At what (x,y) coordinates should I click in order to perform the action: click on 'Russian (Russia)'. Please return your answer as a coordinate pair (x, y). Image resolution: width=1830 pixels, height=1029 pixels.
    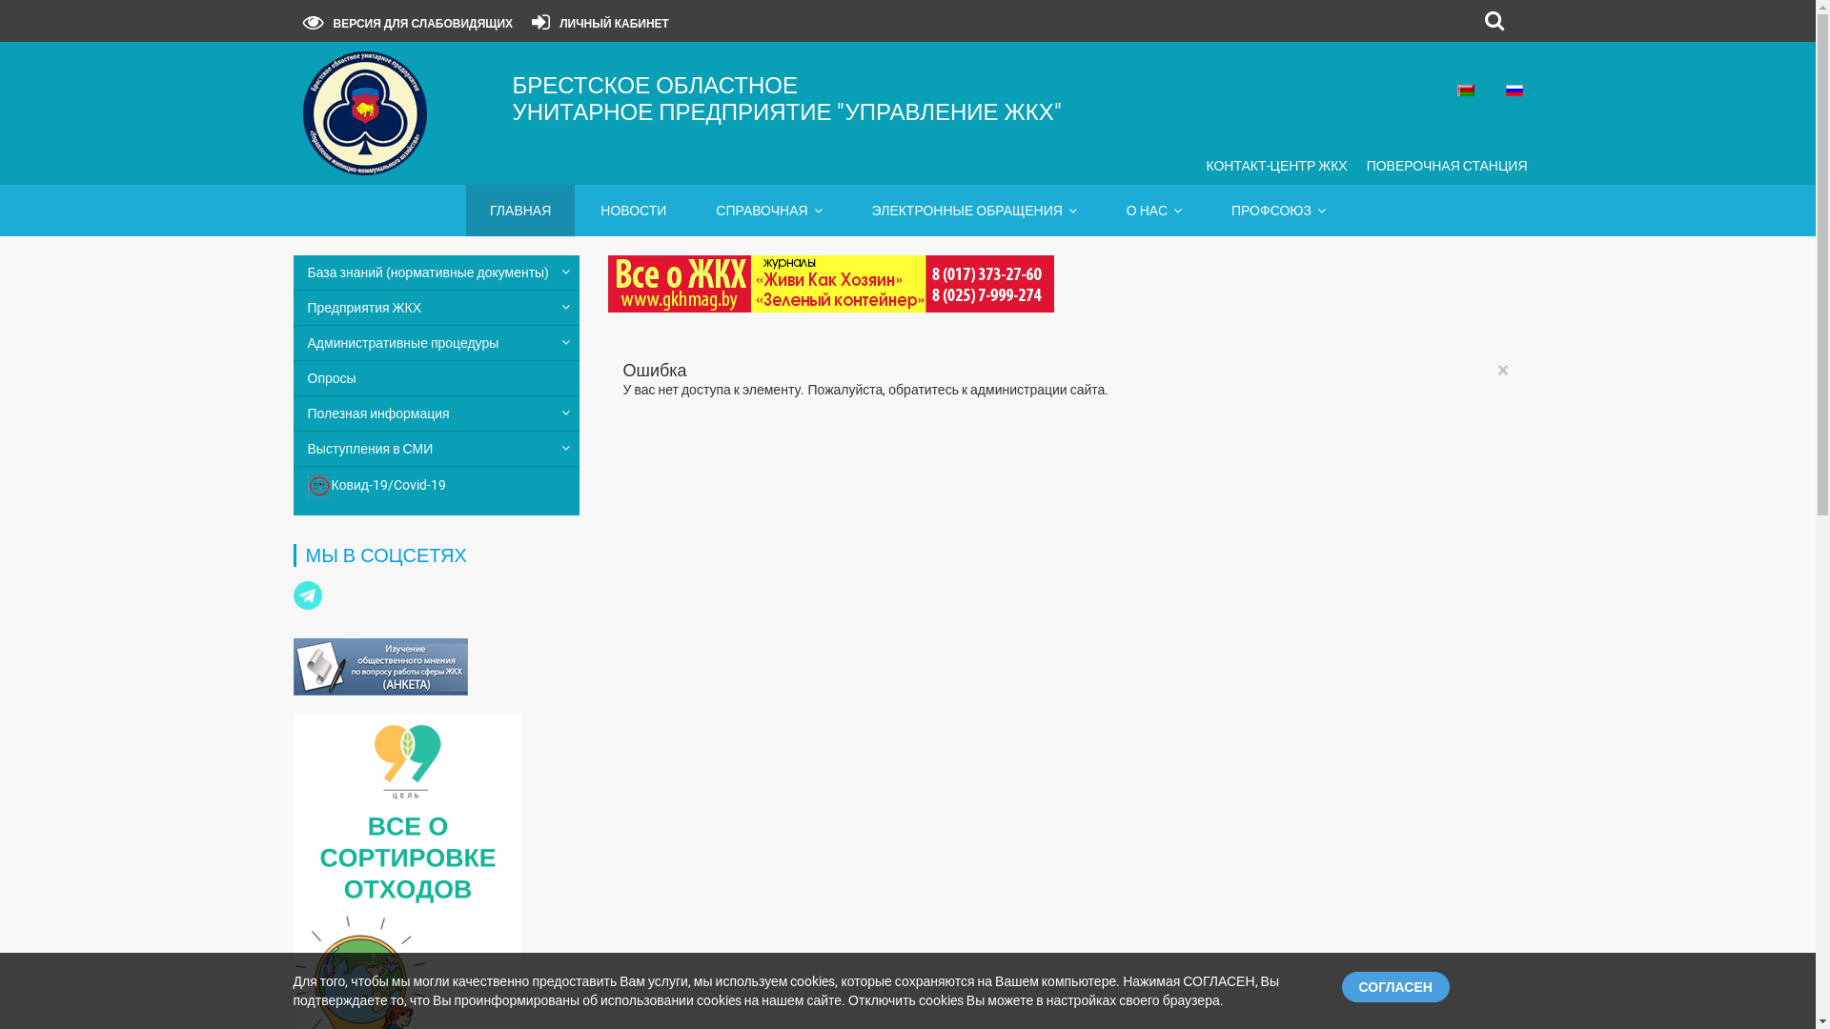
    Looking at the image, I should click on (1504, 91).